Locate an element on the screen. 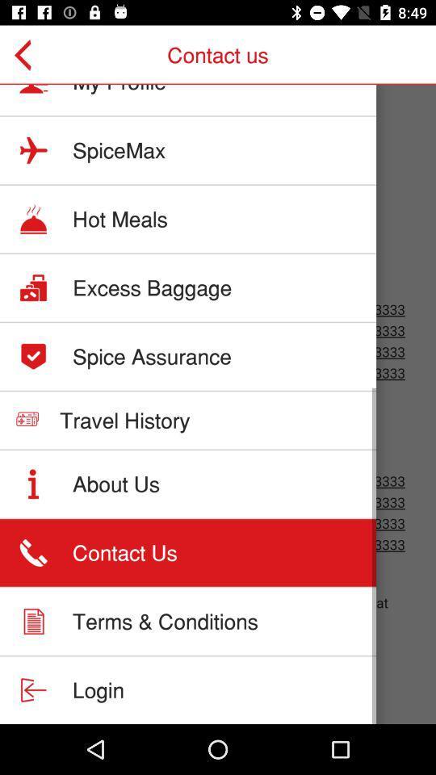 This screenshot has width=436, height=775. item next to the my profile is located at coordinates (29, 55).